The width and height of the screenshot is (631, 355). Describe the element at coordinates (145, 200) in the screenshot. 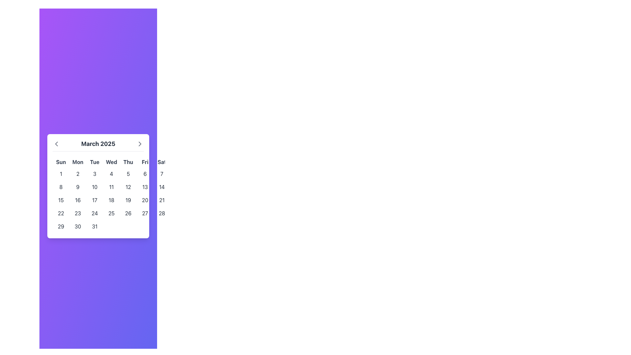

I see `the Calendar Date Cell containing the number '20'` at that location.